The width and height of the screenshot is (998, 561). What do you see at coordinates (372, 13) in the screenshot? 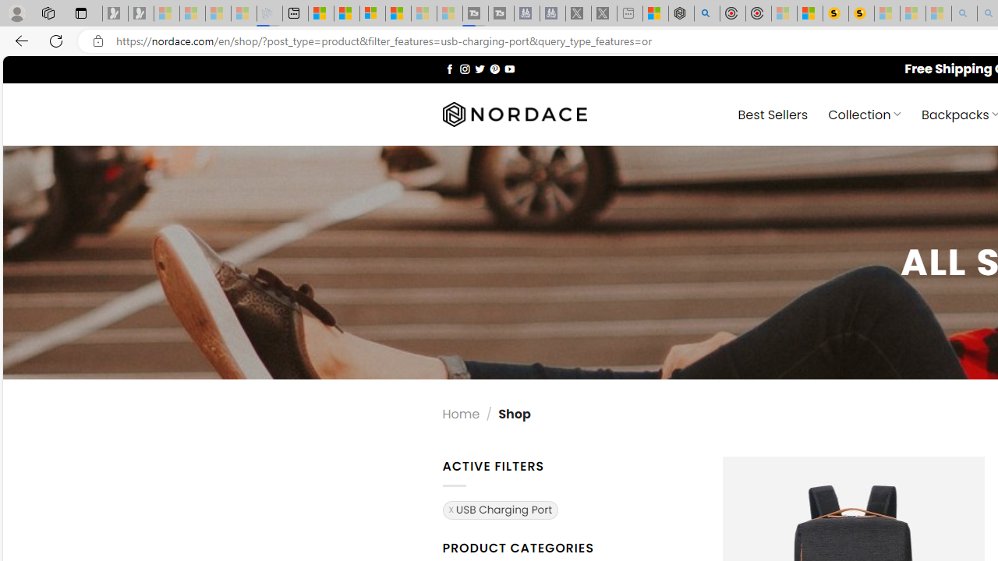
I see `'Overview'` at bounding box center [372, 13].